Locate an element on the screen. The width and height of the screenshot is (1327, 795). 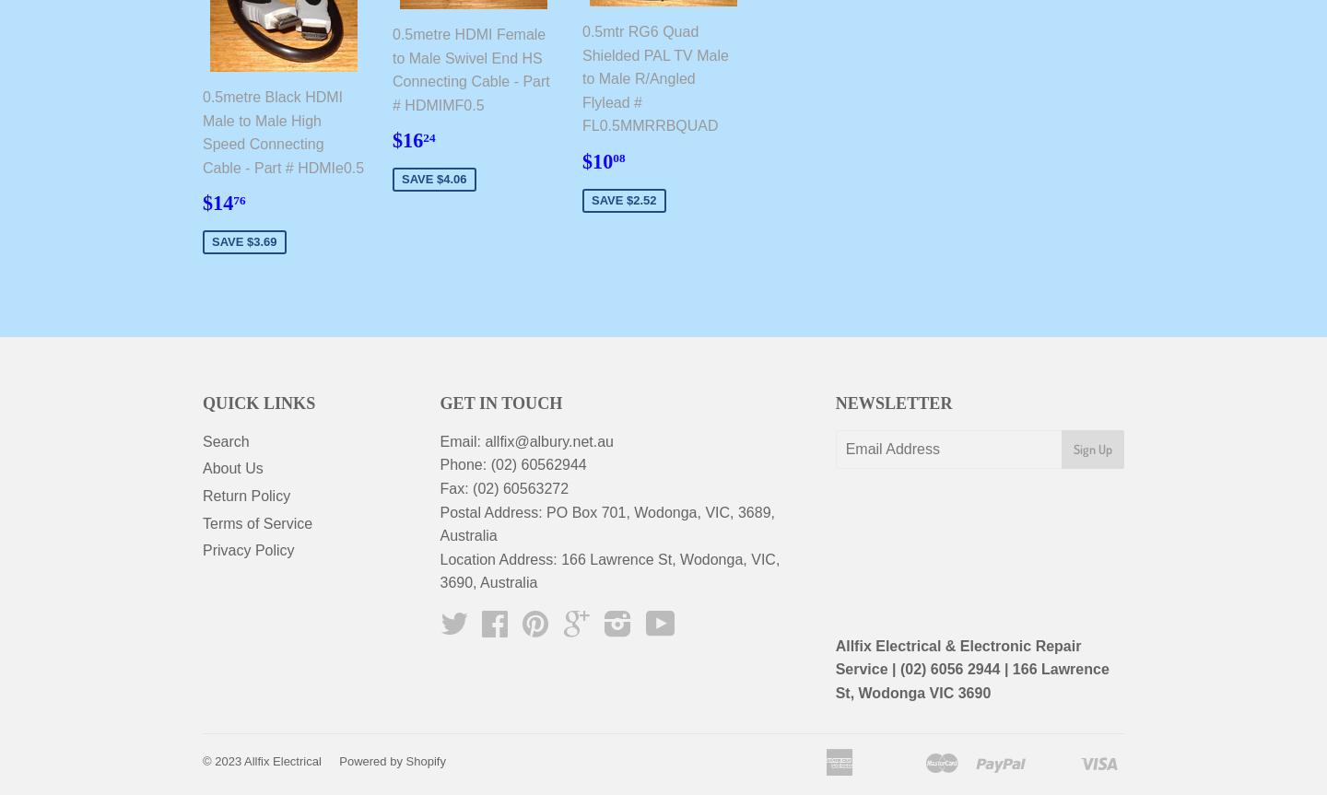
'Allfix Electrical & Electronic Repair Service | (02) 6056 2944 | 166 Lawrence St, Wodonga VIC 3690' is located at coordinates (971, 669).